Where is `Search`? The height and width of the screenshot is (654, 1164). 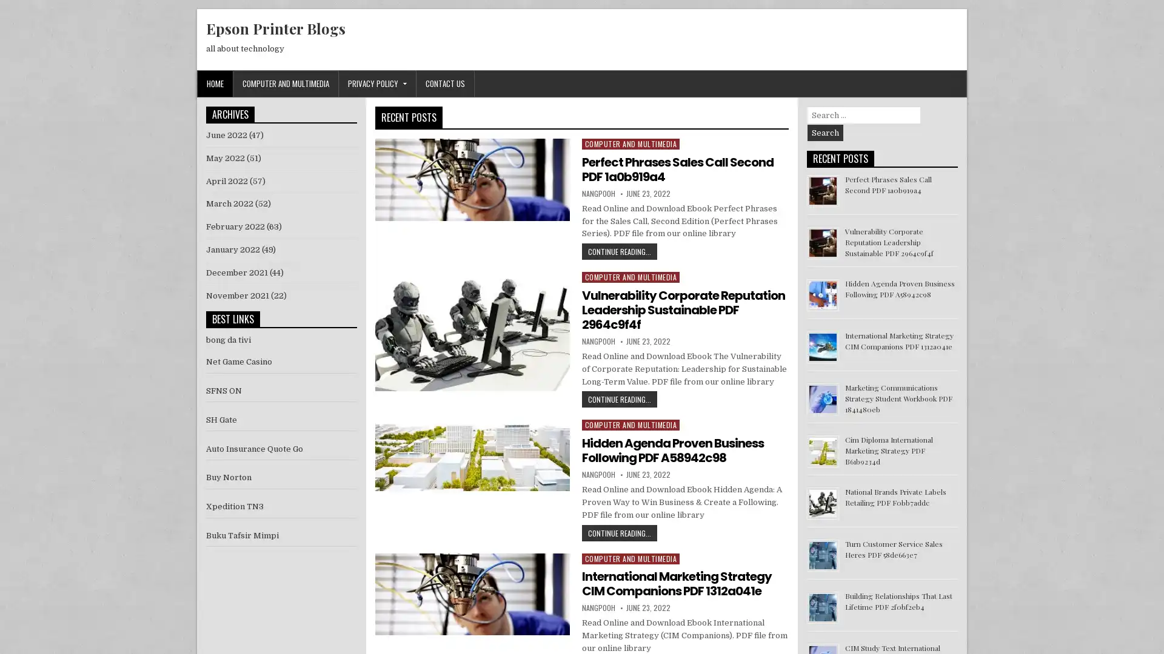 Search is located at coordinates (824, 133).